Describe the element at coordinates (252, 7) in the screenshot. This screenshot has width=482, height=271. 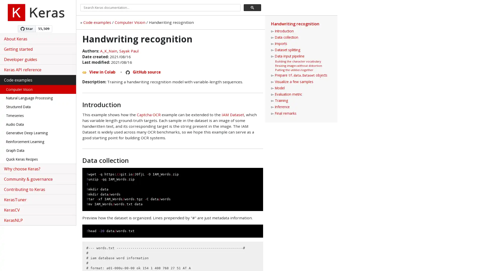
I see `search` at that location.